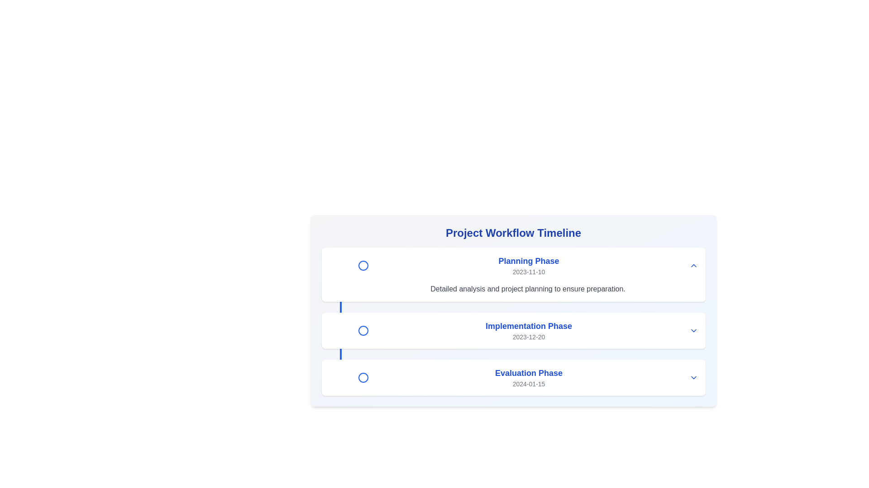 Image resolution: width=869 pixels, height=488 pixels. I want to click on the bold title 'Planning Phase' displayed in blue, so click(529, 261).